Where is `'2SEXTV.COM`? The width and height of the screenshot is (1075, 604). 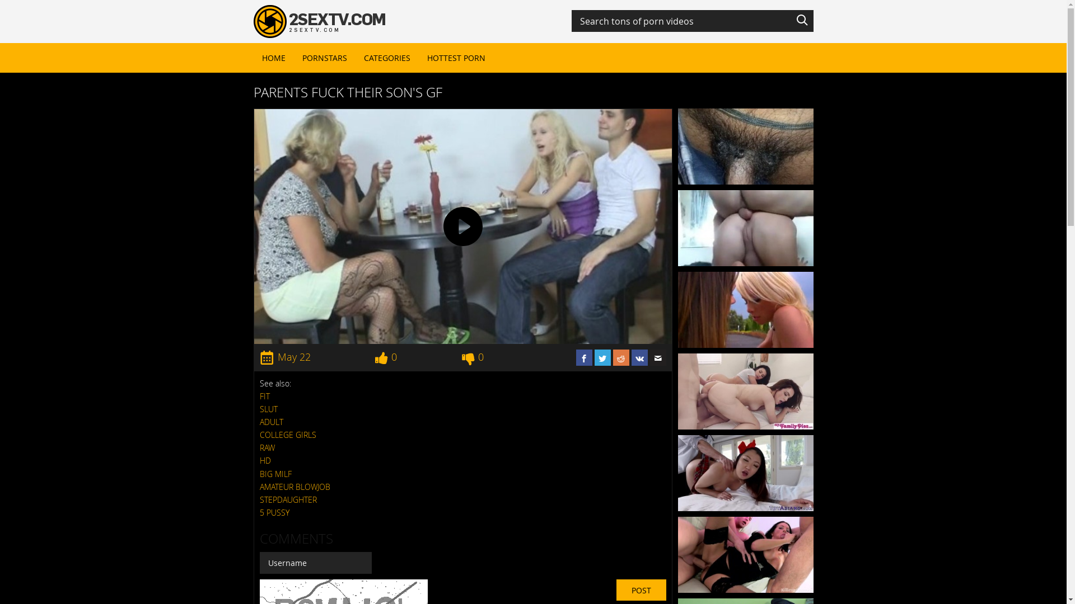 '2SEXTV.COM is located at coordinates (252, 21).